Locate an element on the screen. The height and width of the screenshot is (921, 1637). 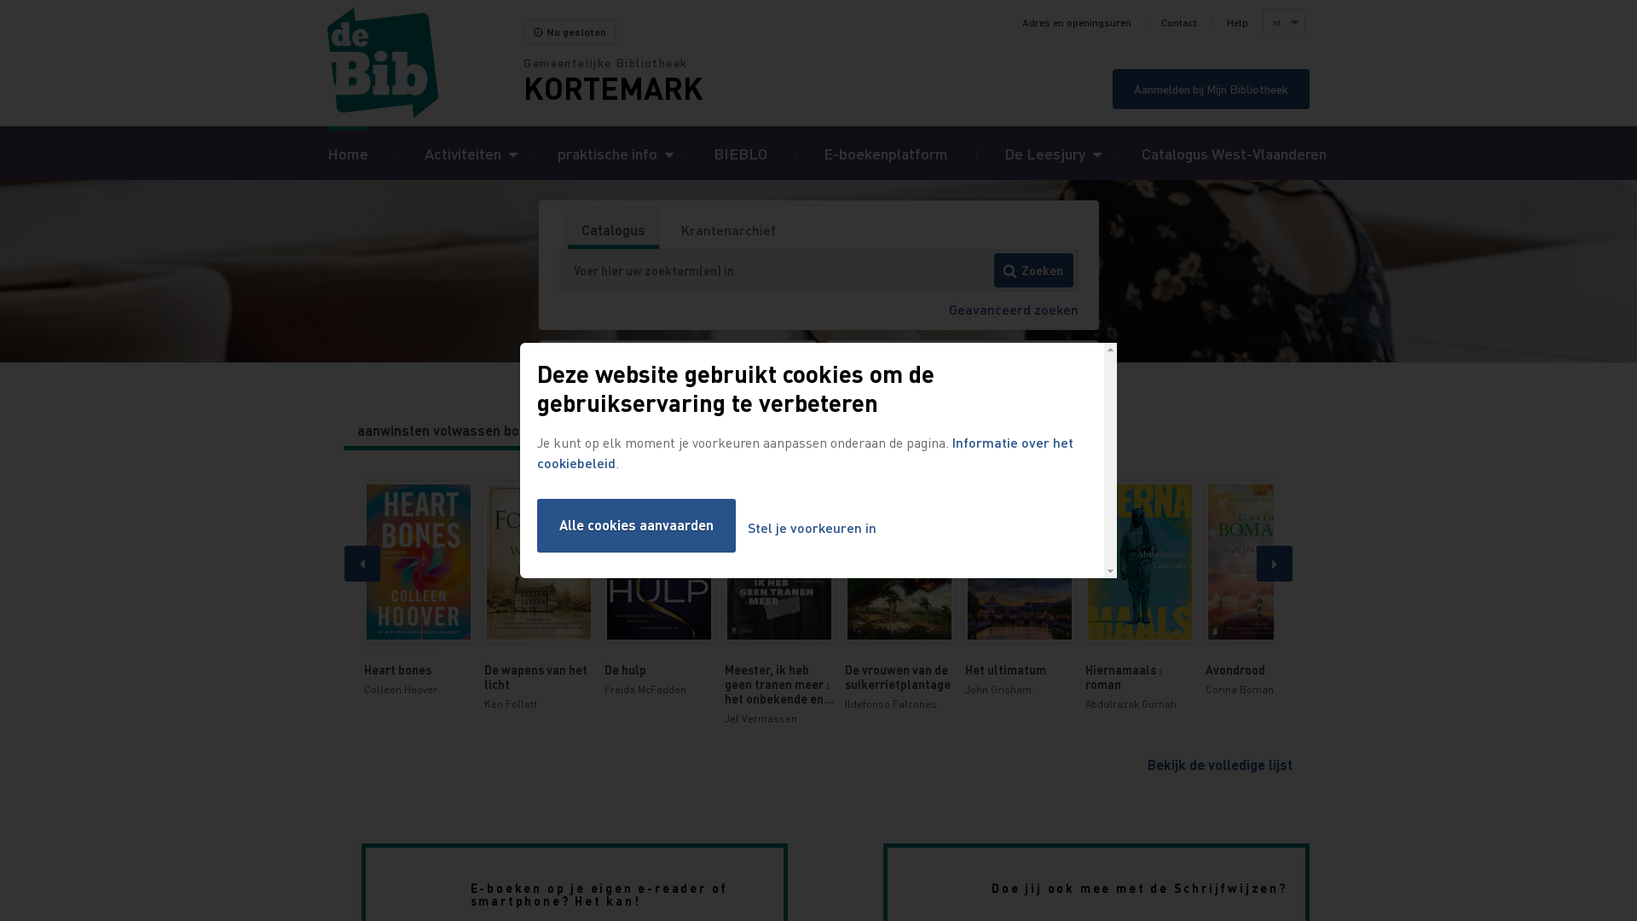
'Informatie over het cookiebeleid' is located at coordinates (804, 451).